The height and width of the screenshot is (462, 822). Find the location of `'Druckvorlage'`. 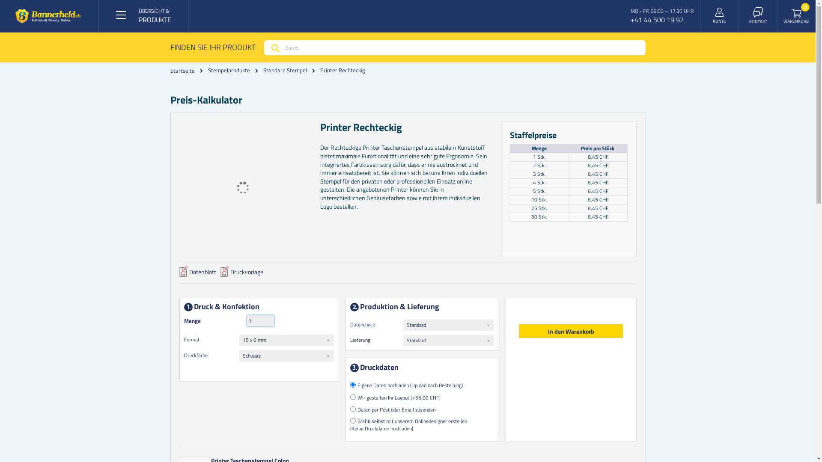

'Druckvorlage' is located at coordinates (241, 274).